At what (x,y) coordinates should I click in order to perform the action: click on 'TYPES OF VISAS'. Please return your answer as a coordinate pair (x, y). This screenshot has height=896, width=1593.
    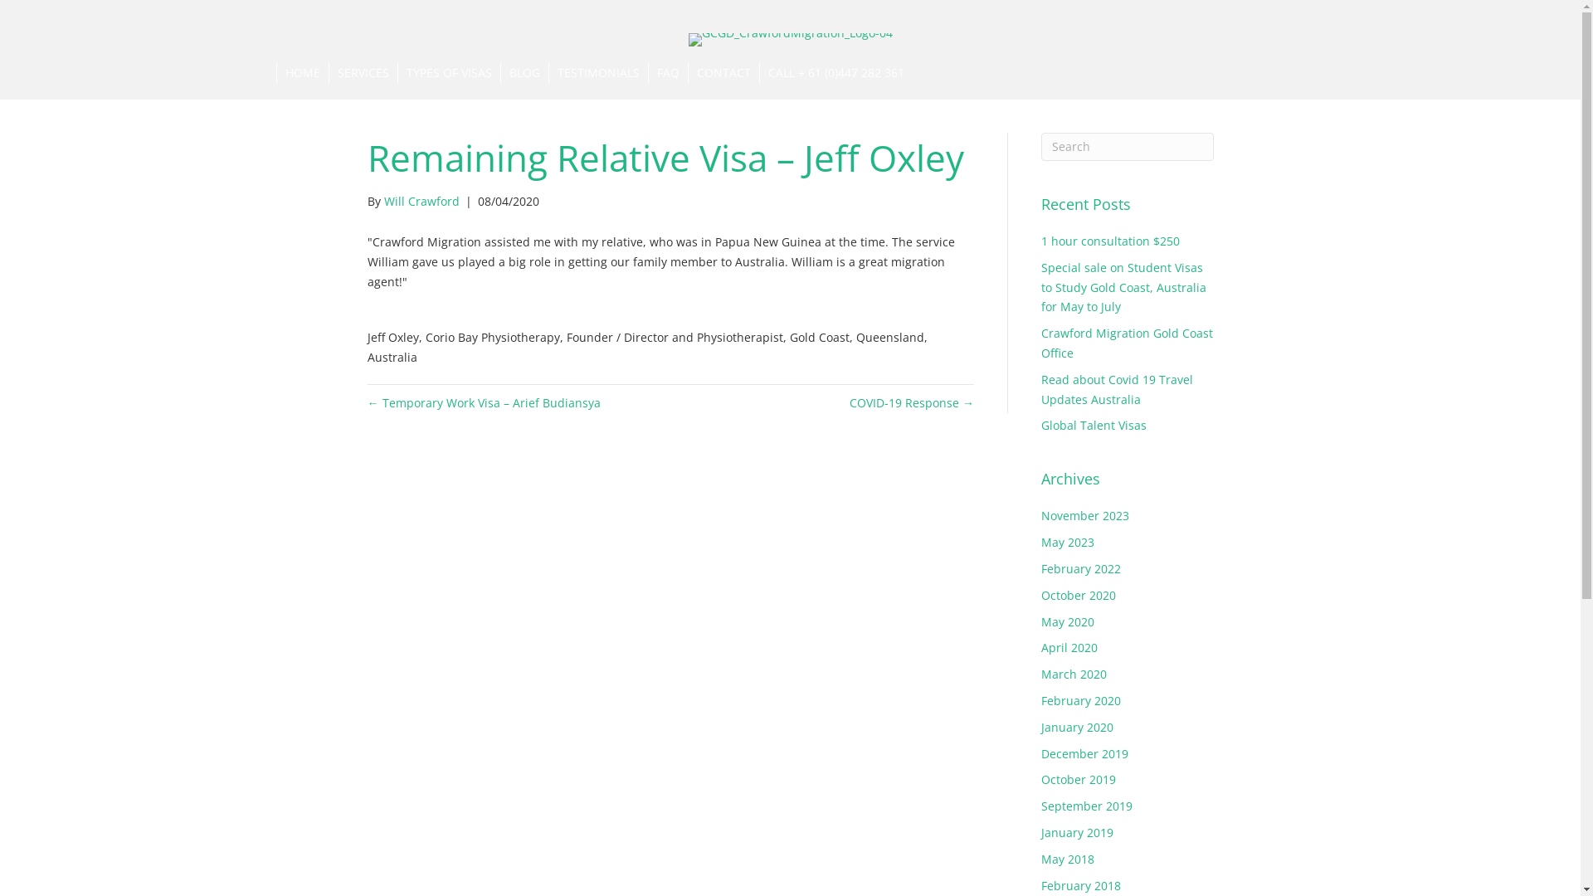
    Looking at the image, I should click on (447, 72).